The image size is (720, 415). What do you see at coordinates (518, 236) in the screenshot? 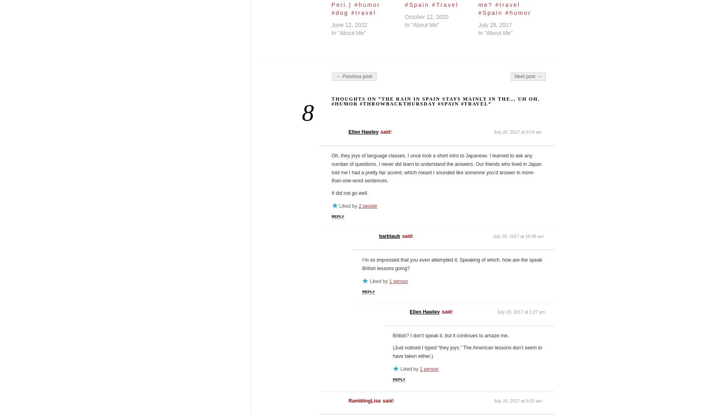
I see `'July 20, 2017 at 10:38 am'` at bounding box center [518, 236].